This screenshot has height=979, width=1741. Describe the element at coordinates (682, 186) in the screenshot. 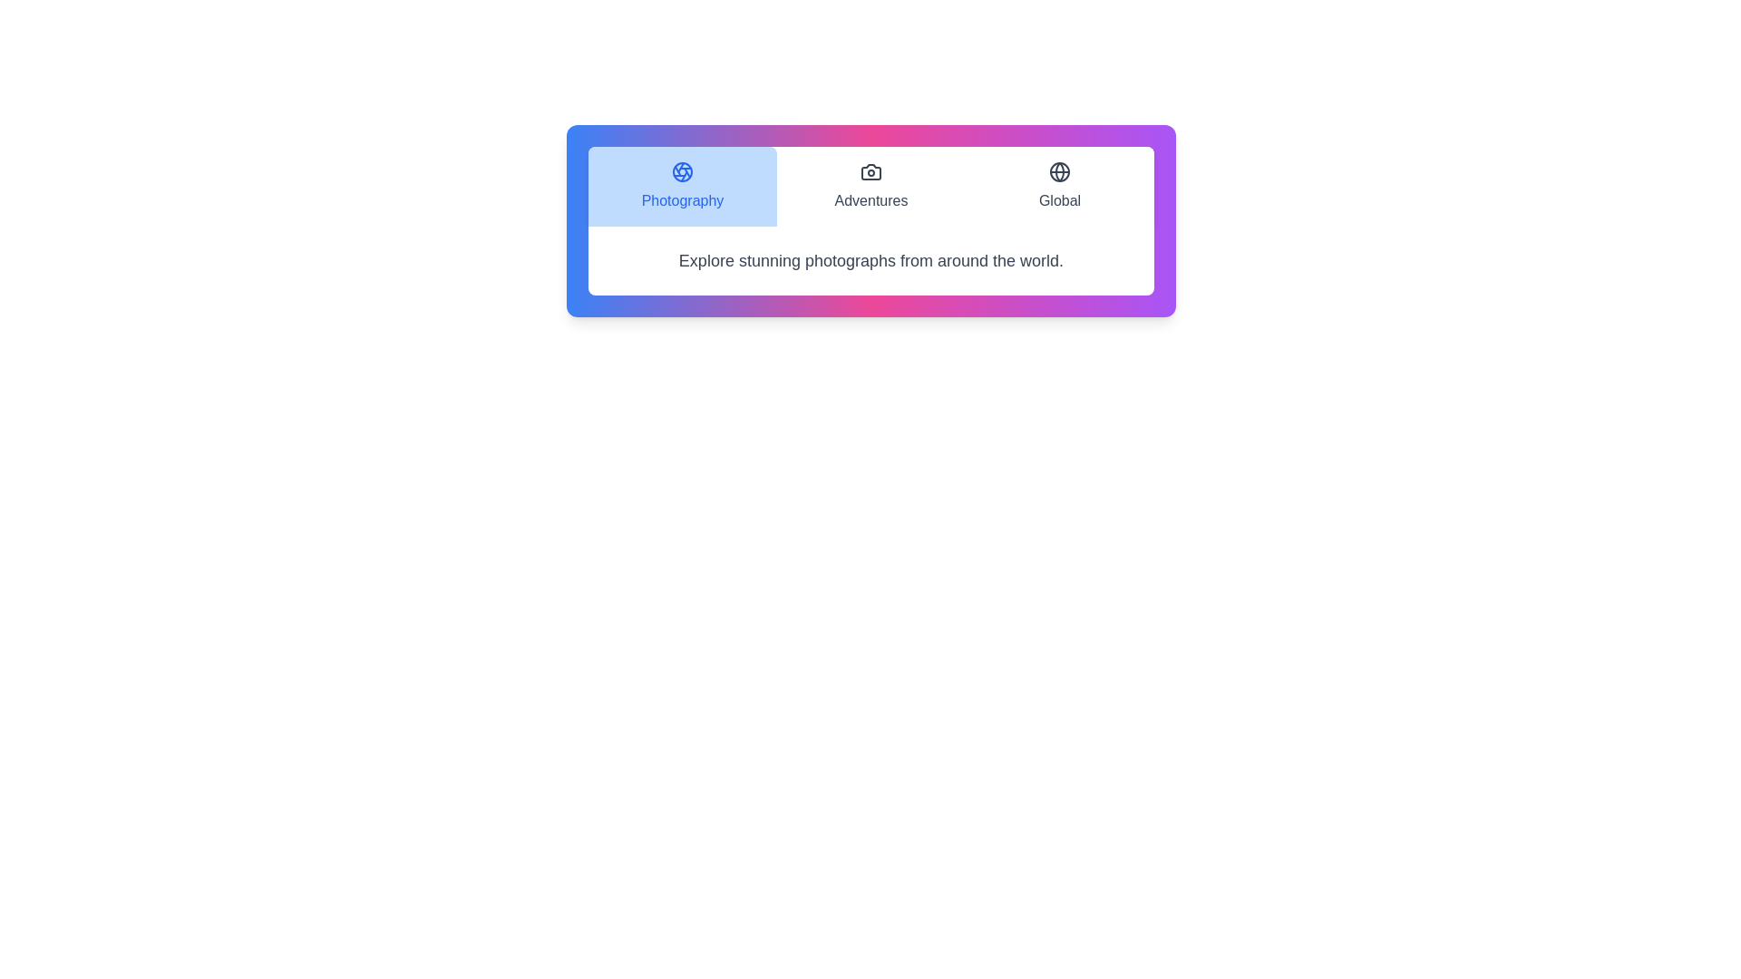

I see `the button labeled 'Photography', which features a globe icon and is the leftmost of three horizontally aligned buttons in the top portion of the interface` at that location.